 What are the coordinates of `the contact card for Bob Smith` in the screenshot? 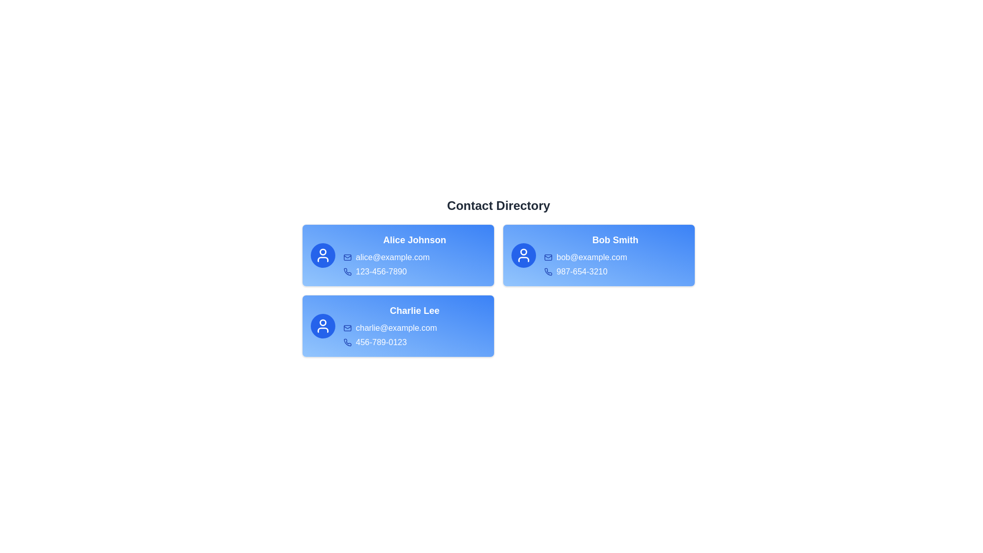 It's located at (599, 254).